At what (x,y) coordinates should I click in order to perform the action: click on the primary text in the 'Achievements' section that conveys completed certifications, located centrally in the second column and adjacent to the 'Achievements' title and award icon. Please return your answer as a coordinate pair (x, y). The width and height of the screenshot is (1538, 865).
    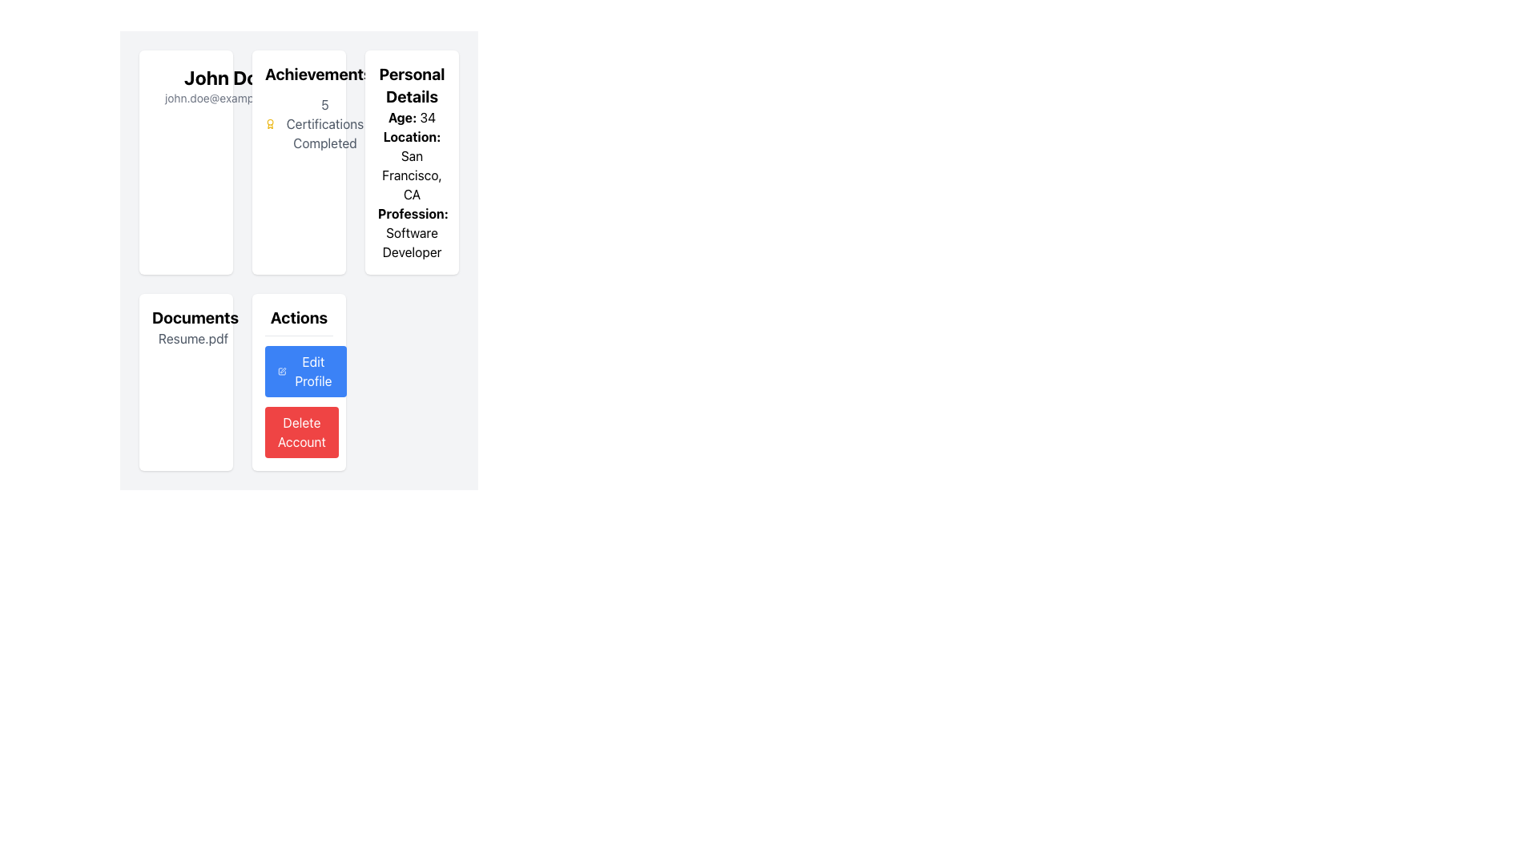
    Looking at the image, I should click on (324, 123).